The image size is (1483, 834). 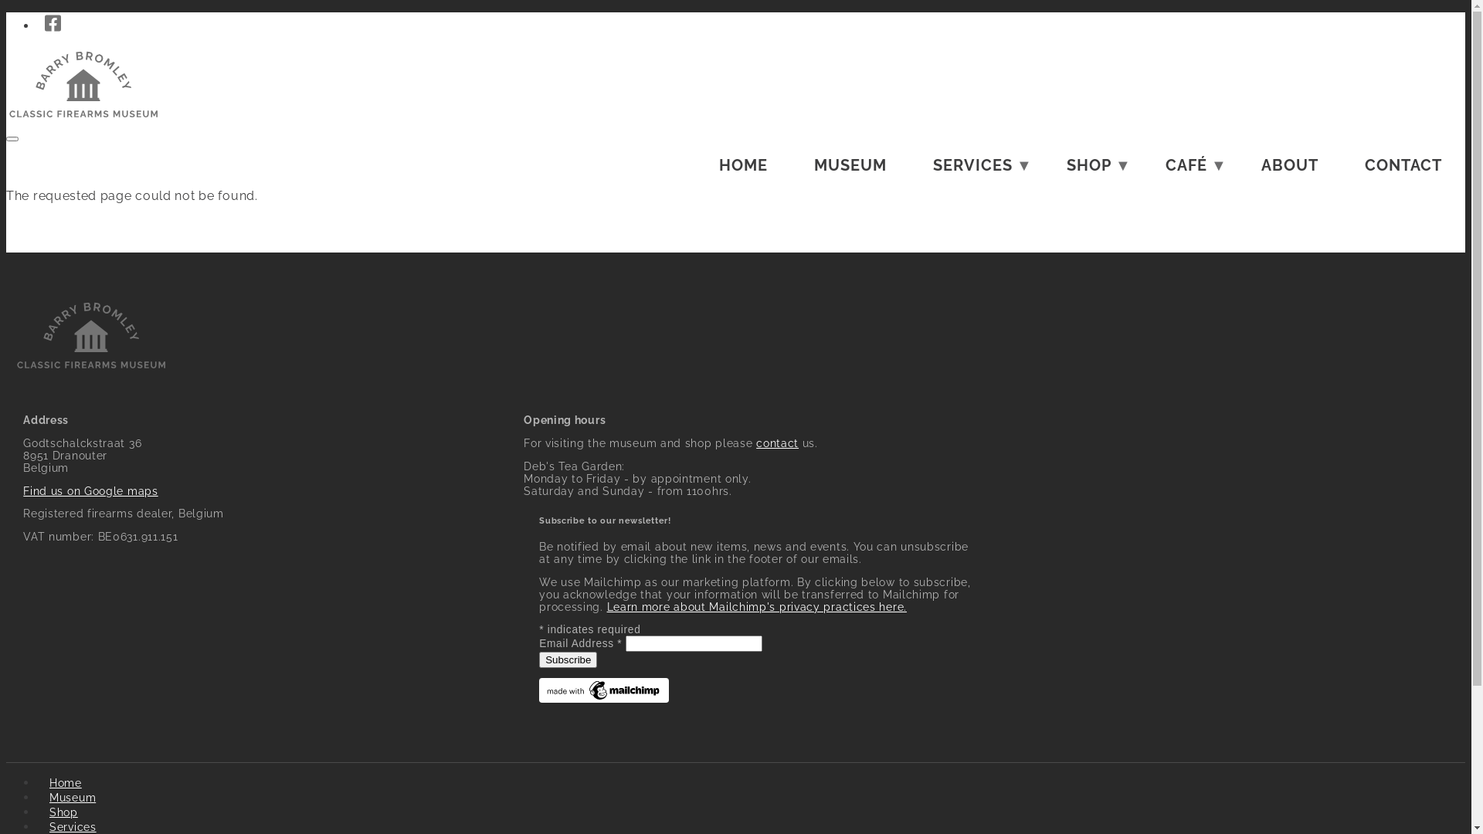 I want to click on 'CONTACT', so click(x=1403, y=164).